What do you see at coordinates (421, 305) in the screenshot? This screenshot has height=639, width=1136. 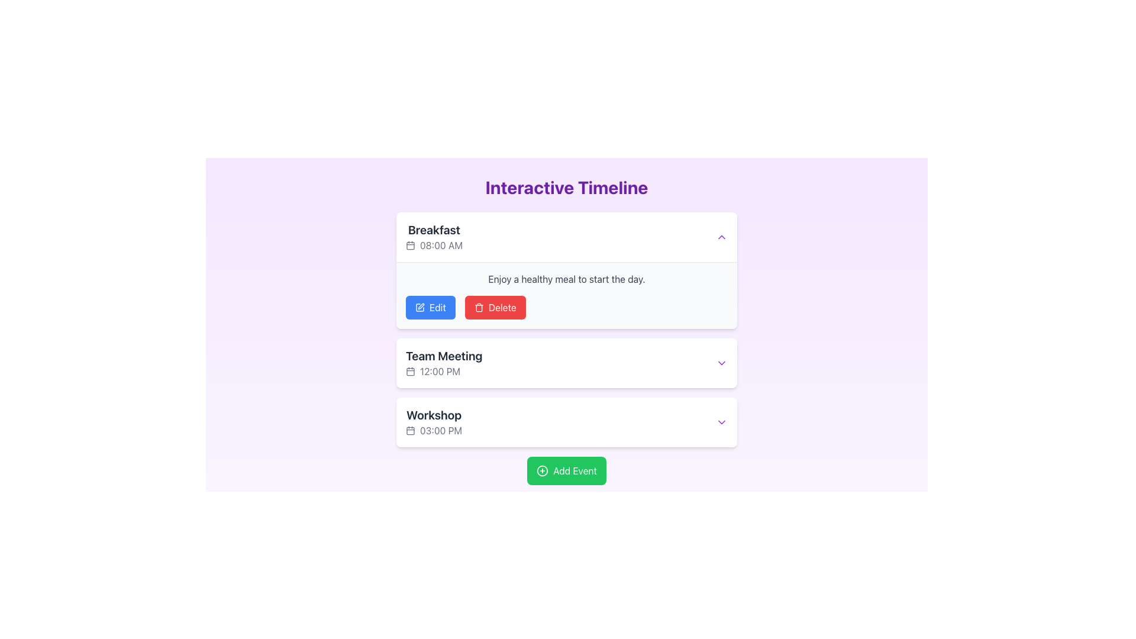 I see `the edit functionality by clicking the 'Edit' button associated with the pencil icon located in the first event card labeled 'Breakfast'` at bounding box center [421, 305].